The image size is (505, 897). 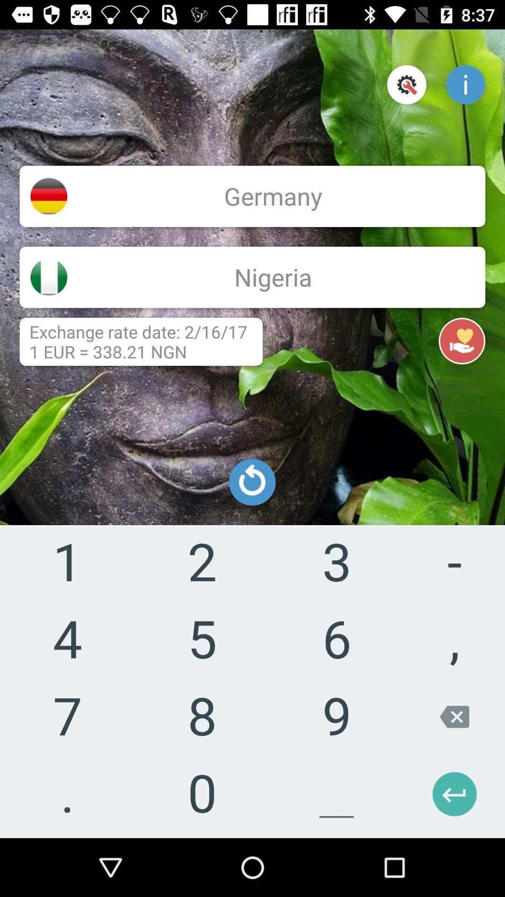 I want to click on the settings icon, so click(x=406, y=85).